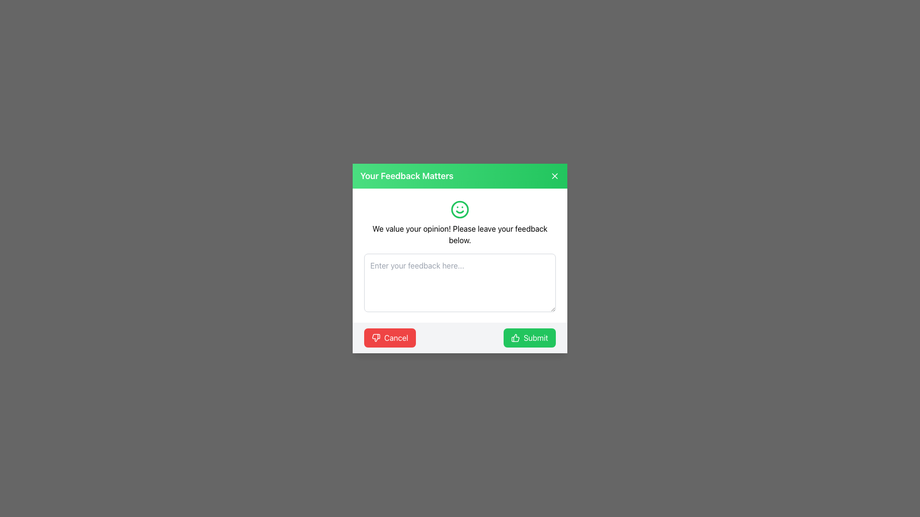 The height and width of the screenshot is (517, 920). I want to click on the smiley face icon by clicking on the circular element with a green outline, which is prominently located at the top-middle section of the dialog box titled 'Your Feedback Matters', so click(460, 209).